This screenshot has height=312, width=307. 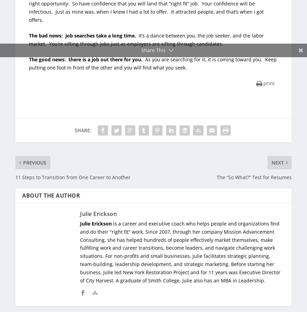 What do you see at coordinates (82, 35) in the screenshot?
I see `'The bad news:  job searches take a long time.'` at bounding box center [82, 35].